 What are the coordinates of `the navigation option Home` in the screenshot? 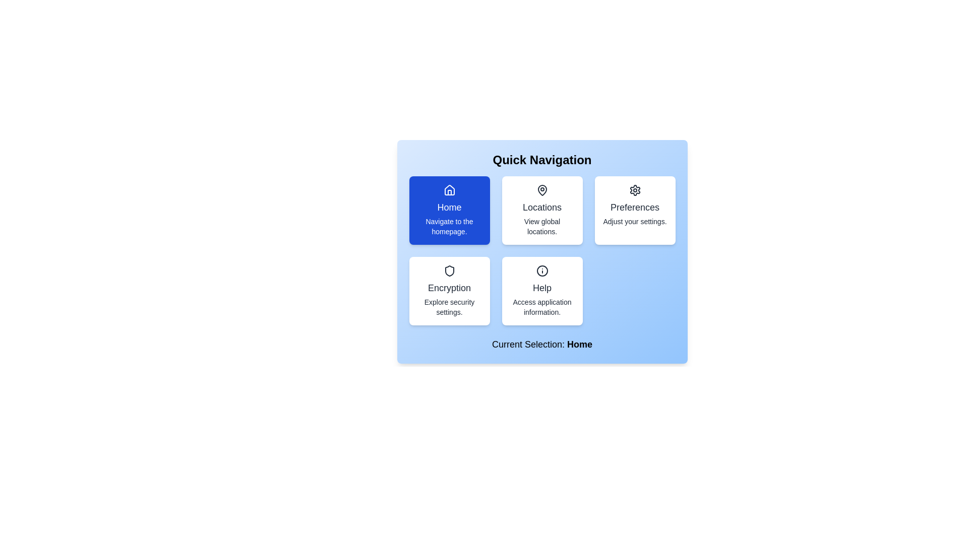 It's located at (449, 210).